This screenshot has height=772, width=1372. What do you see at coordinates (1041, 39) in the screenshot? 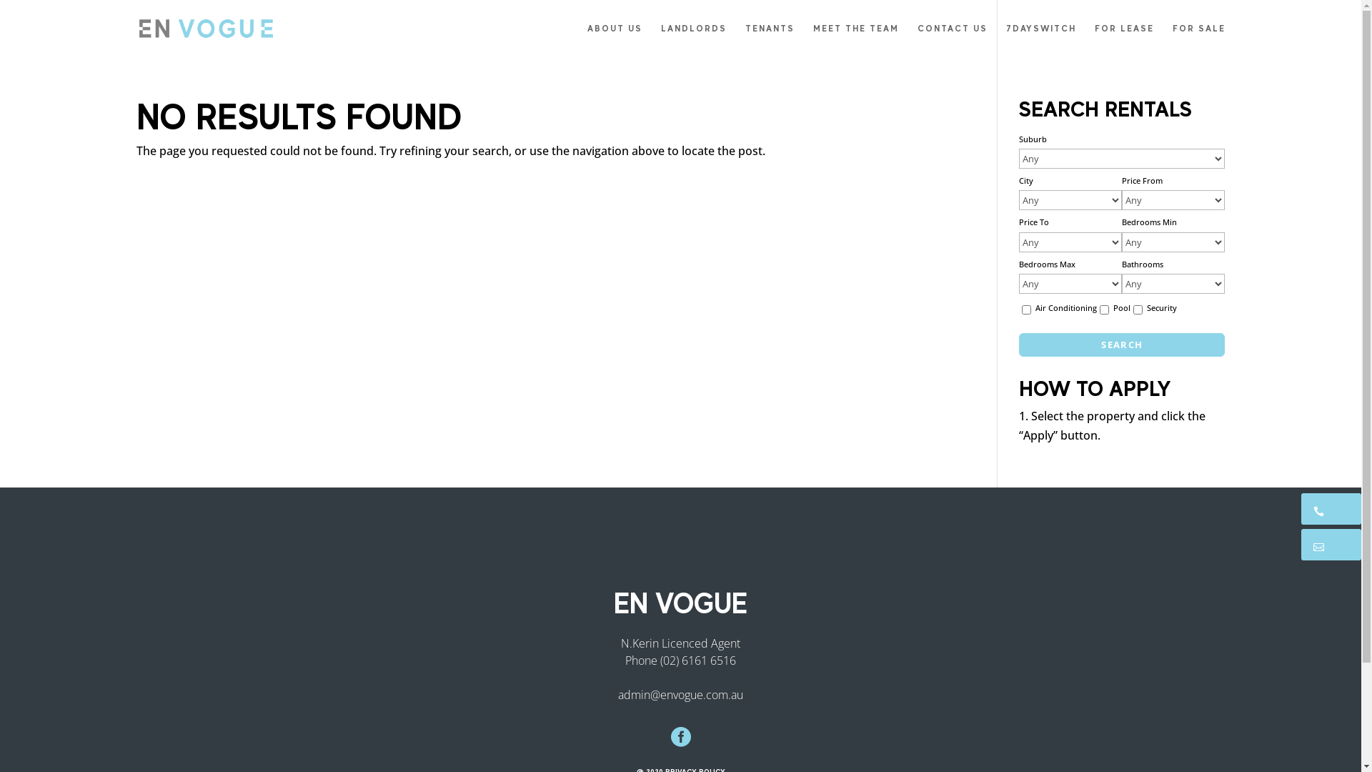
I see `'7DAYSWITCH'` at bounding box center [1041, 39].